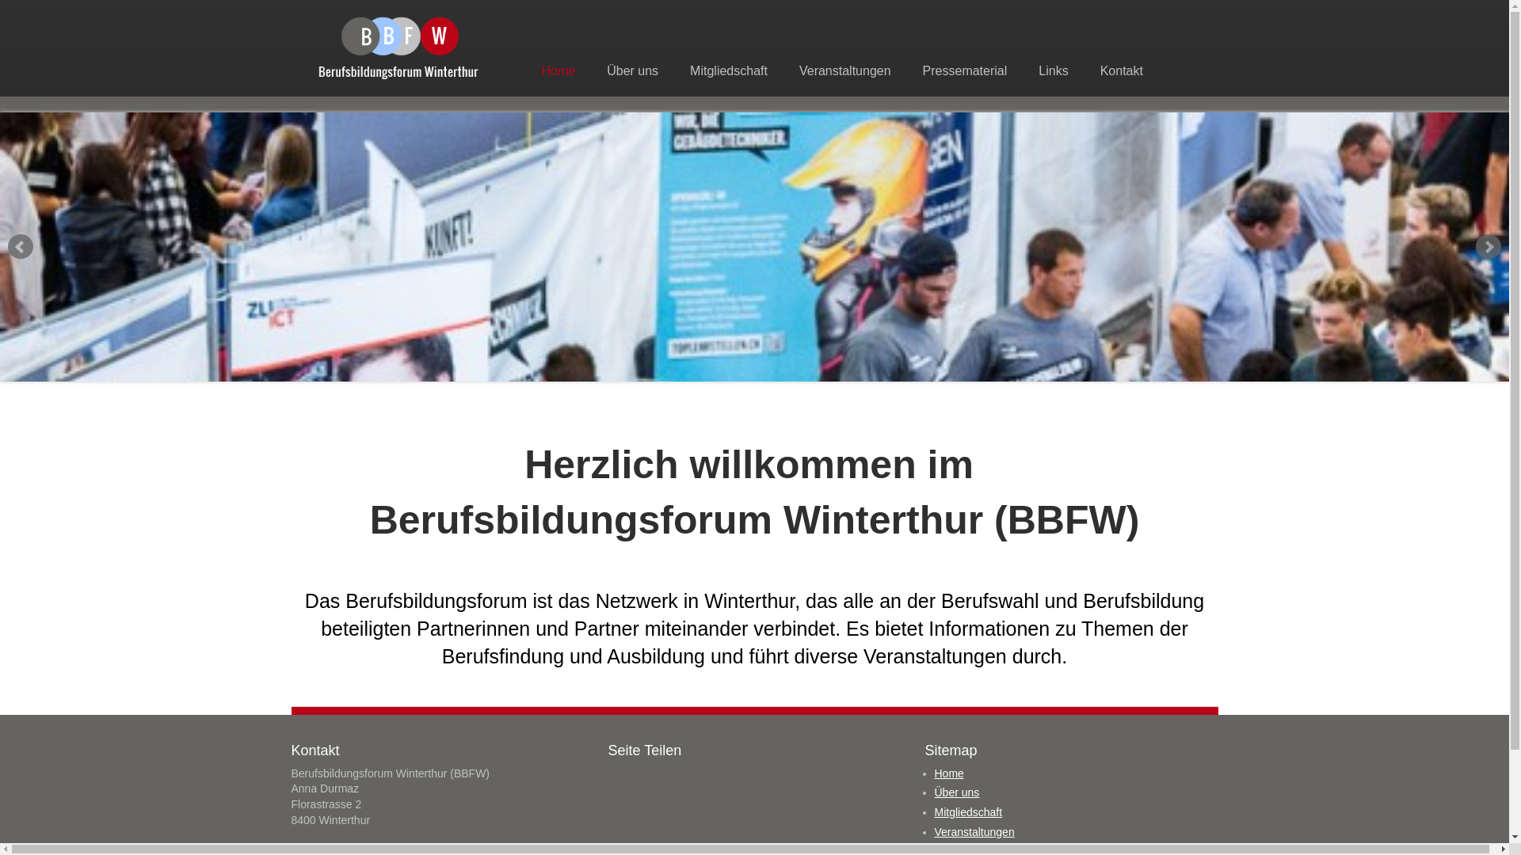  Describe the element at coordinates (964, 70) in the screenshot. I see `'Pressematerial'` at that location.